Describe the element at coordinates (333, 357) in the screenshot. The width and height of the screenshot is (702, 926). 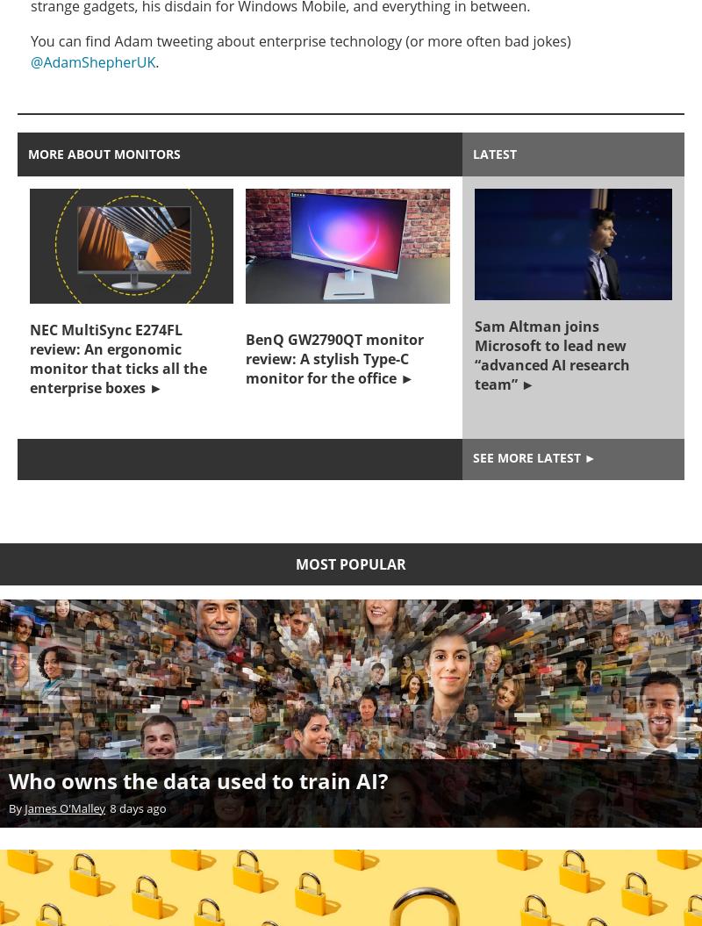
I see `'BenQ GW2790QT monitor review: A stylish Type-C monitor for the office'` at that location.